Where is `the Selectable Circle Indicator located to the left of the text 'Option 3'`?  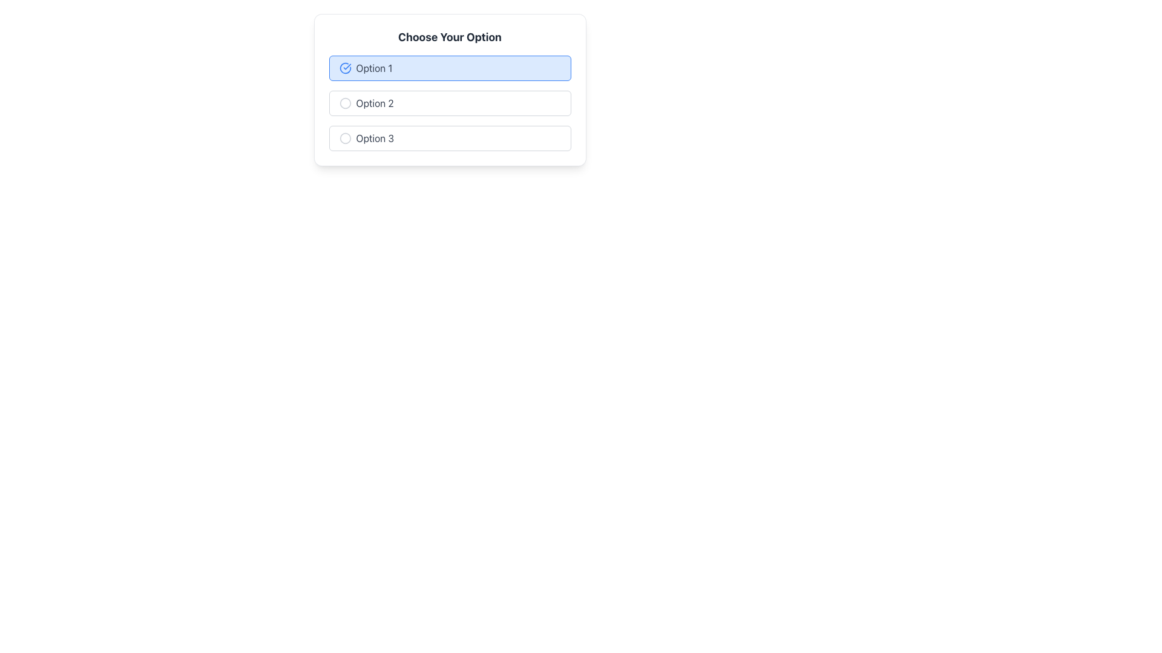
the Selectable Circle Indicator located to the left of the text 'Option 3' is located at coordinates (344, 137).